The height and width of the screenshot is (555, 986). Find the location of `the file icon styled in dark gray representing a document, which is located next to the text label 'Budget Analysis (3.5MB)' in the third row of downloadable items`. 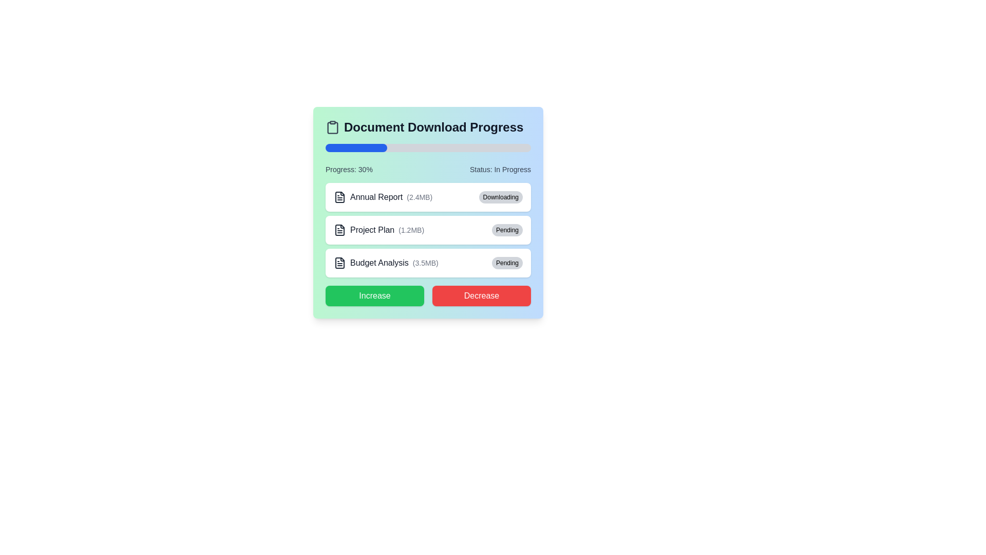

the file icon styled in dark gray representing a document, which is located next to the text label 'Budget Analysis (3.5MB)' in the third row of downloadable items is located at coordinates (340, 263).